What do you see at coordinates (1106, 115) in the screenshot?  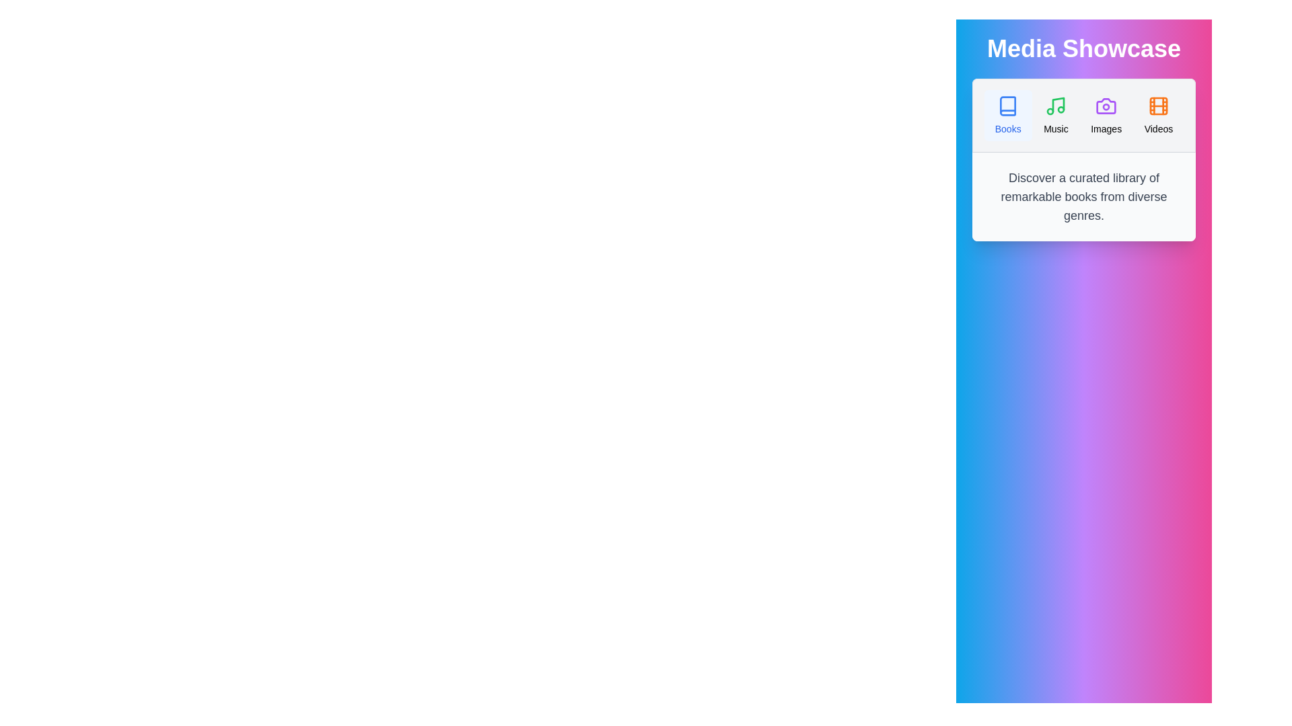 I see `the Images tab by clicking on it` at bounding box center [1106, 115].